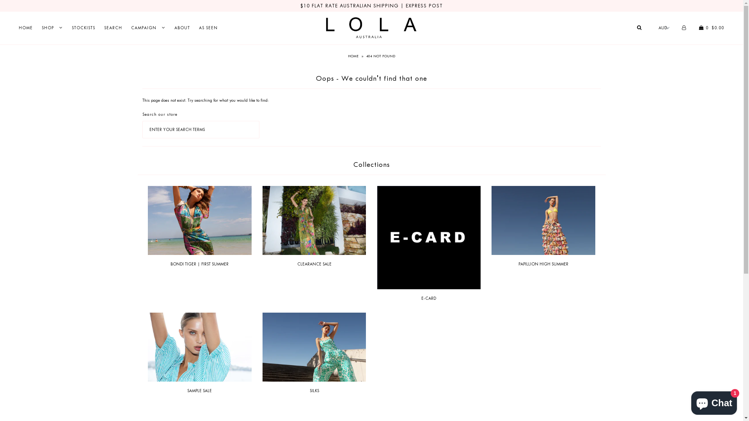 This screenshot has height=421, width=749. Describe the element at coordinates (711, 27) in the screenshot. I see `'  0  $0.00'` at that location.